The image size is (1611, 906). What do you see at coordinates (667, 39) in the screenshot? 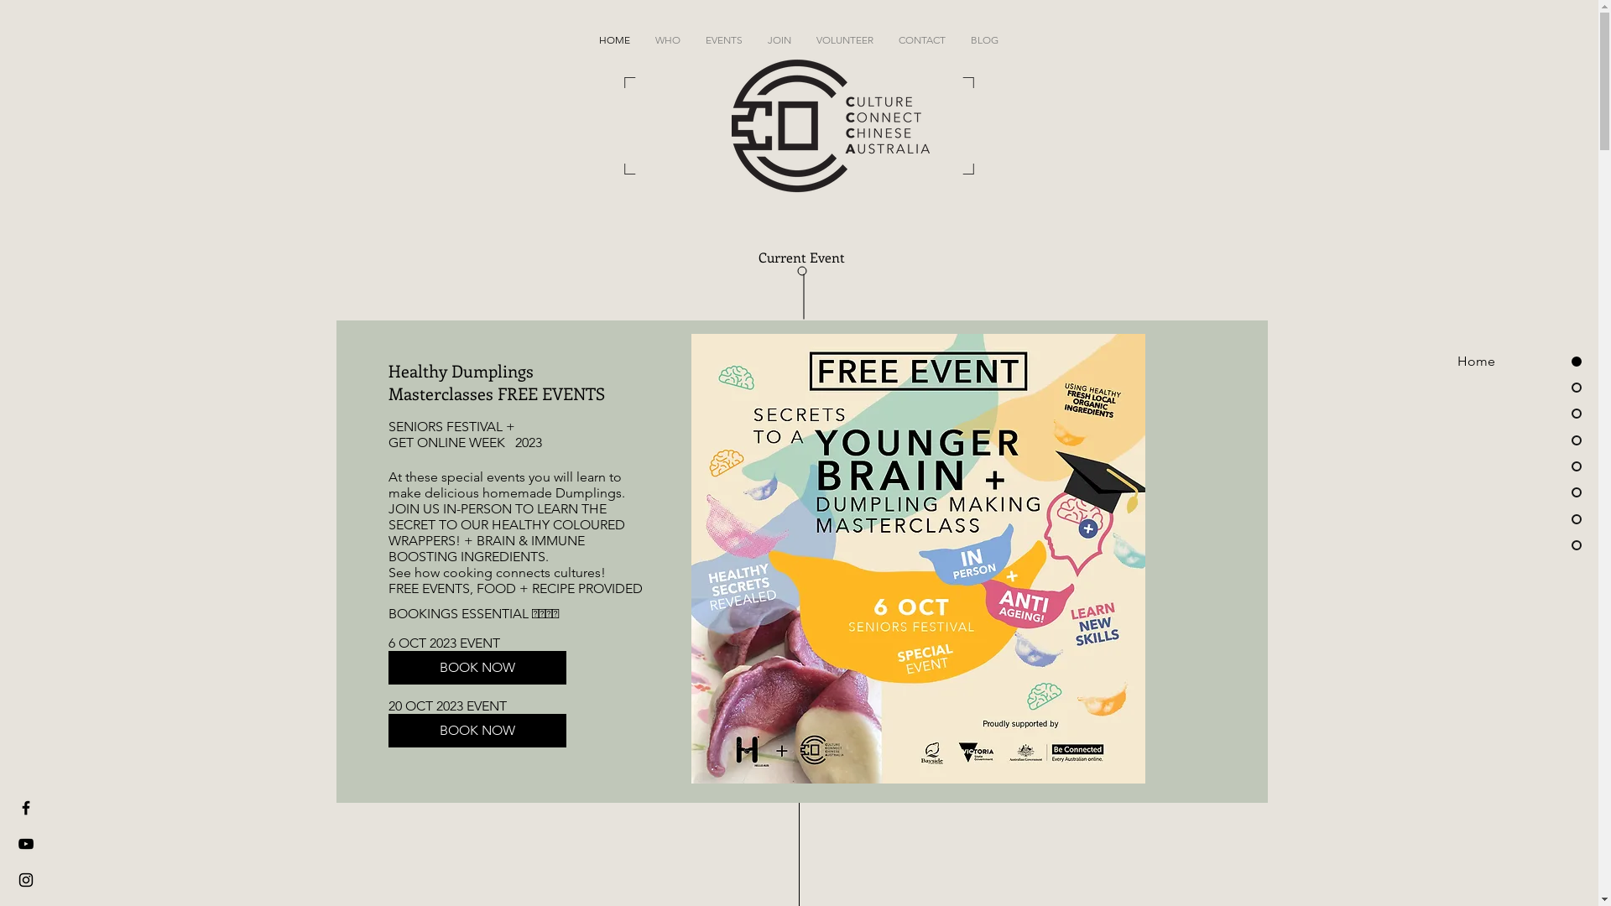
I see `'WHO'` at bounding box center [667, 39].